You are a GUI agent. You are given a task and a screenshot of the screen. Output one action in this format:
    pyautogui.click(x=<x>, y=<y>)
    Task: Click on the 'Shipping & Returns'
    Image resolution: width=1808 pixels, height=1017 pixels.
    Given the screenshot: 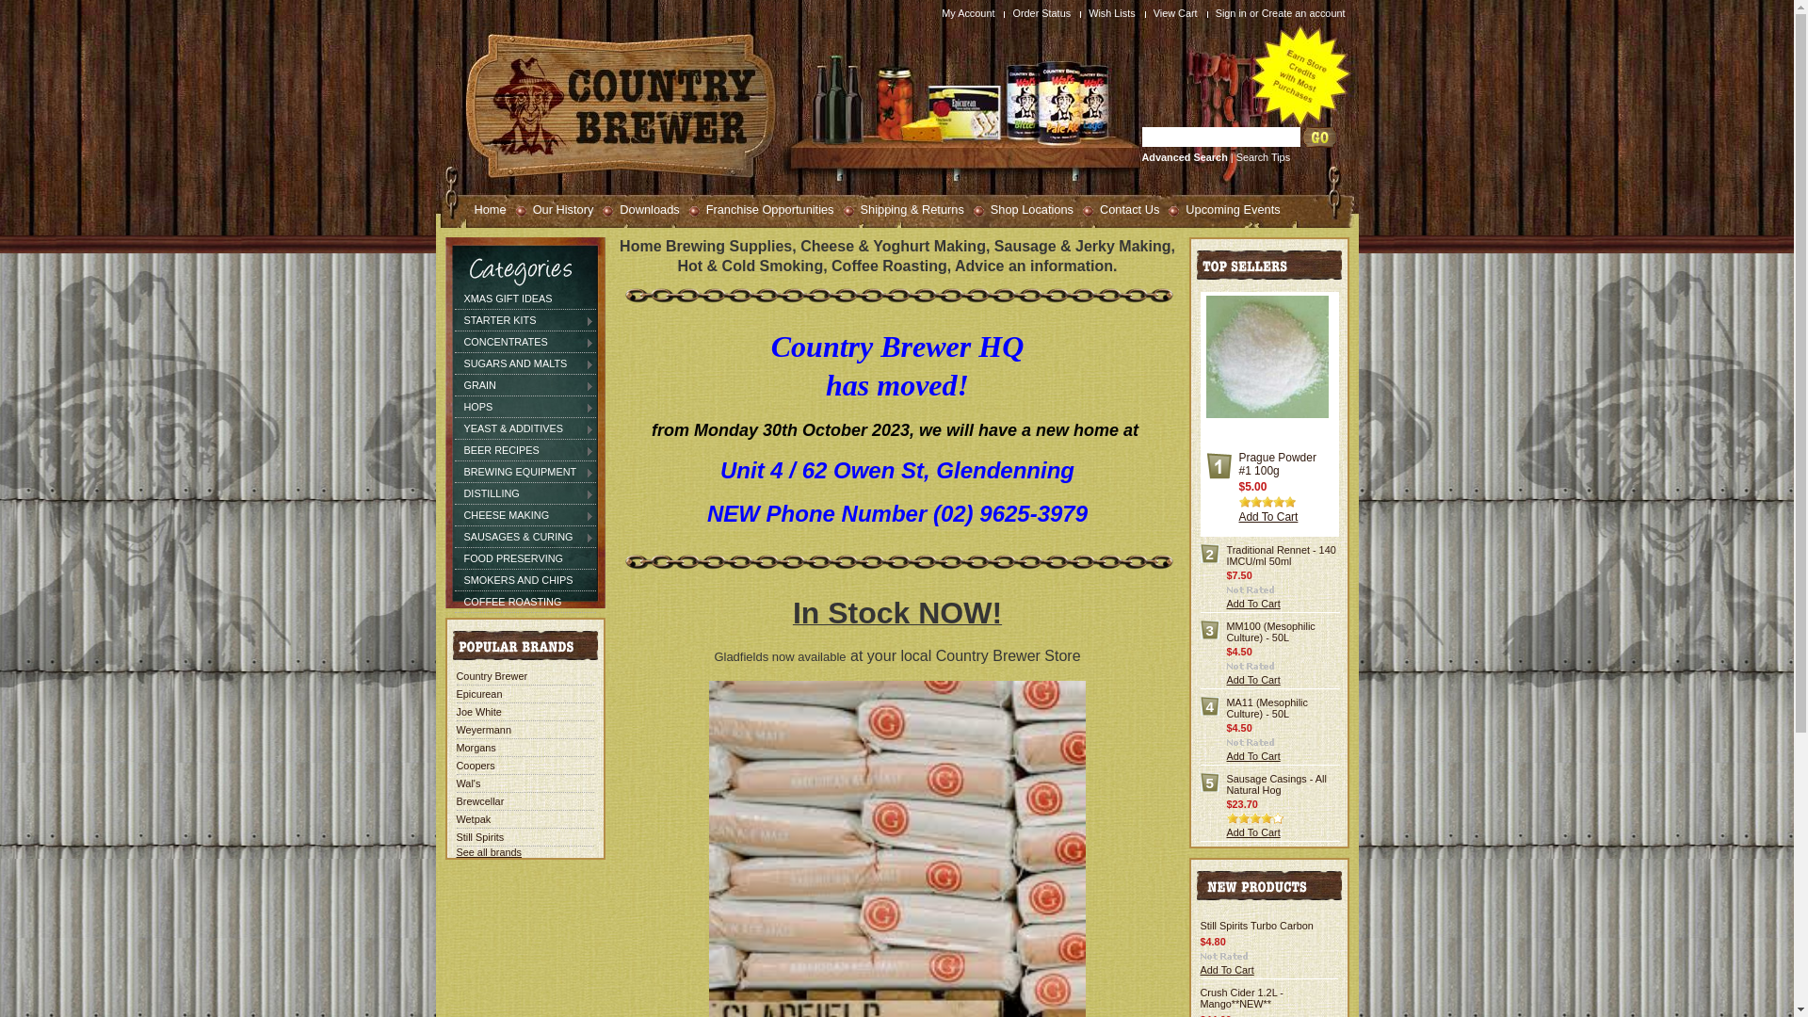 What is the action you would take?
    pyautogui.click(x=904, y=208)
    